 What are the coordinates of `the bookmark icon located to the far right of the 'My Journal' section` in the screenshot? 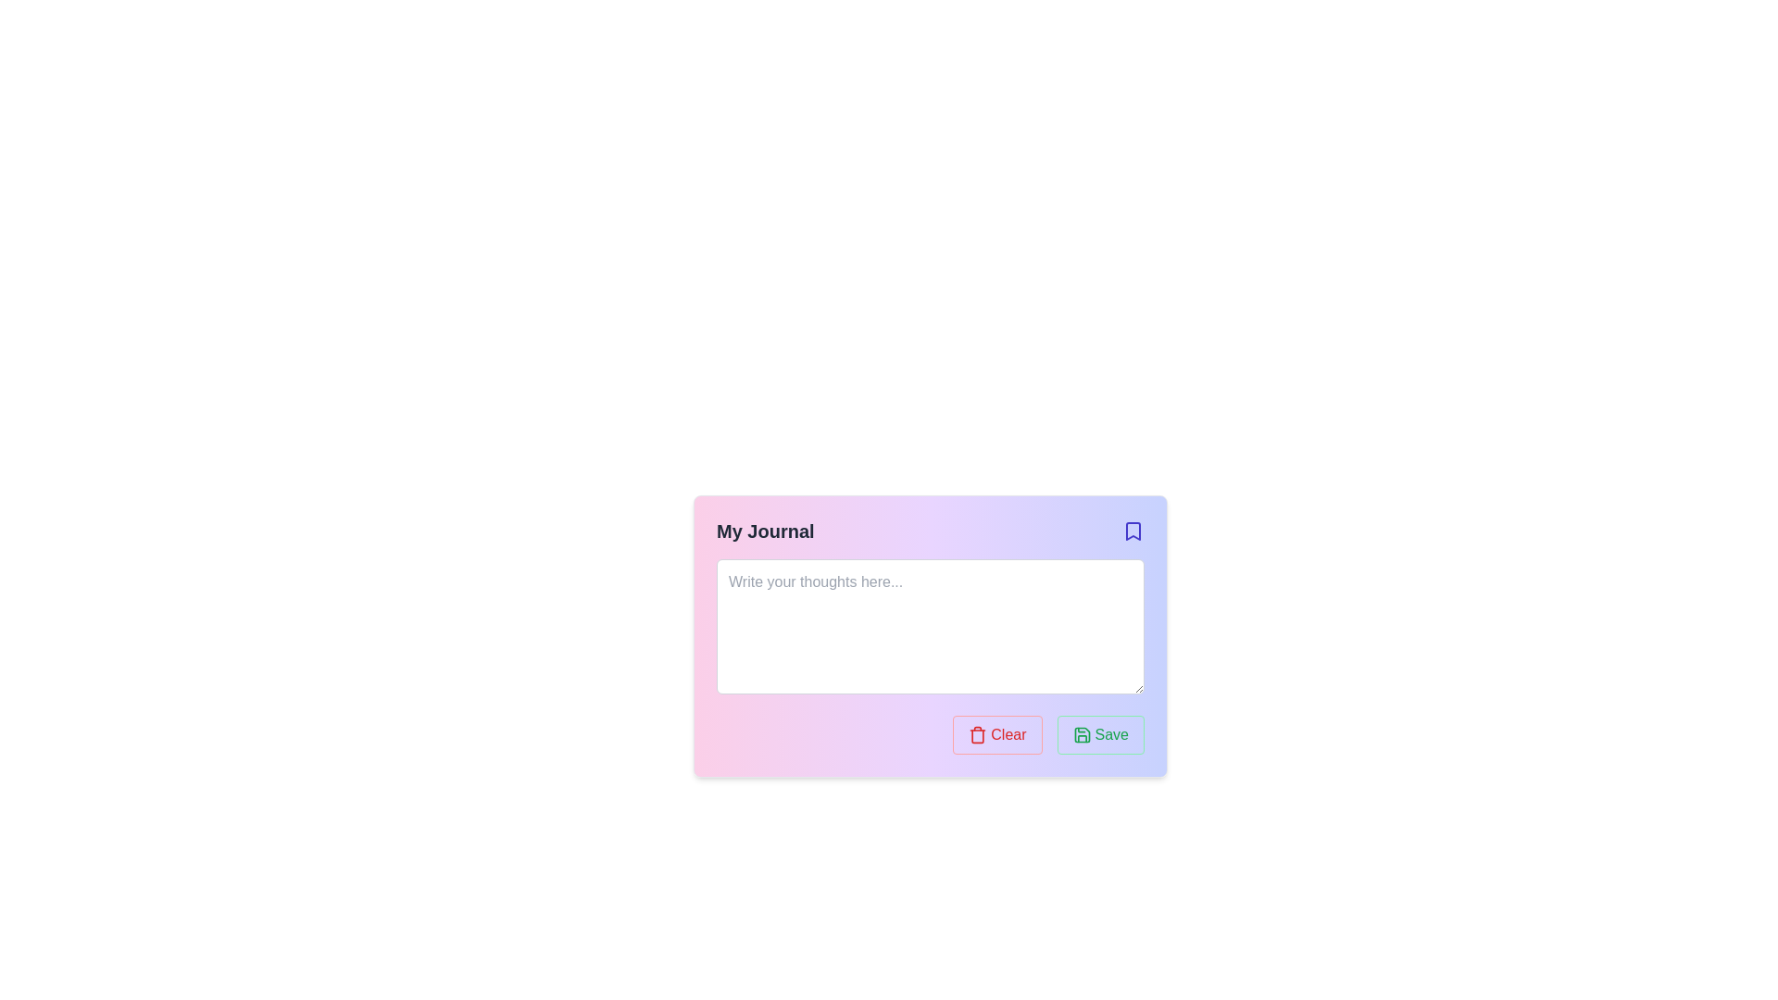 It's located at (1133, 531).